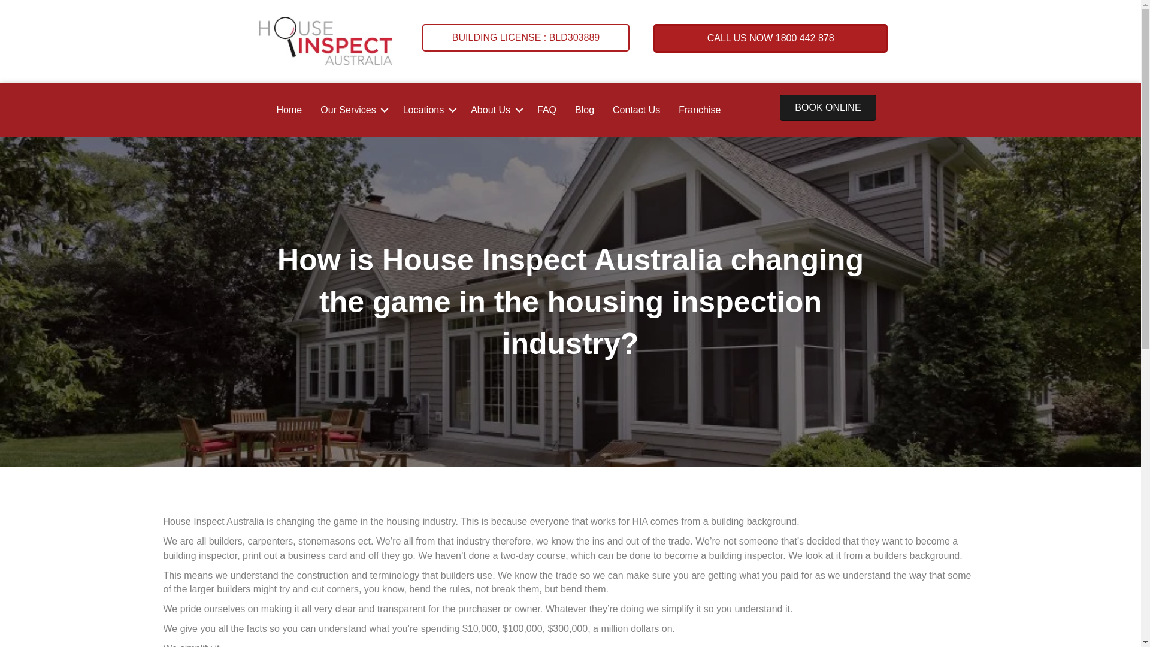 The height and width of the screenshot is (647, 1150). I want to click on 'BUILDING LICENSE : BLD303889', so click(526, 37).